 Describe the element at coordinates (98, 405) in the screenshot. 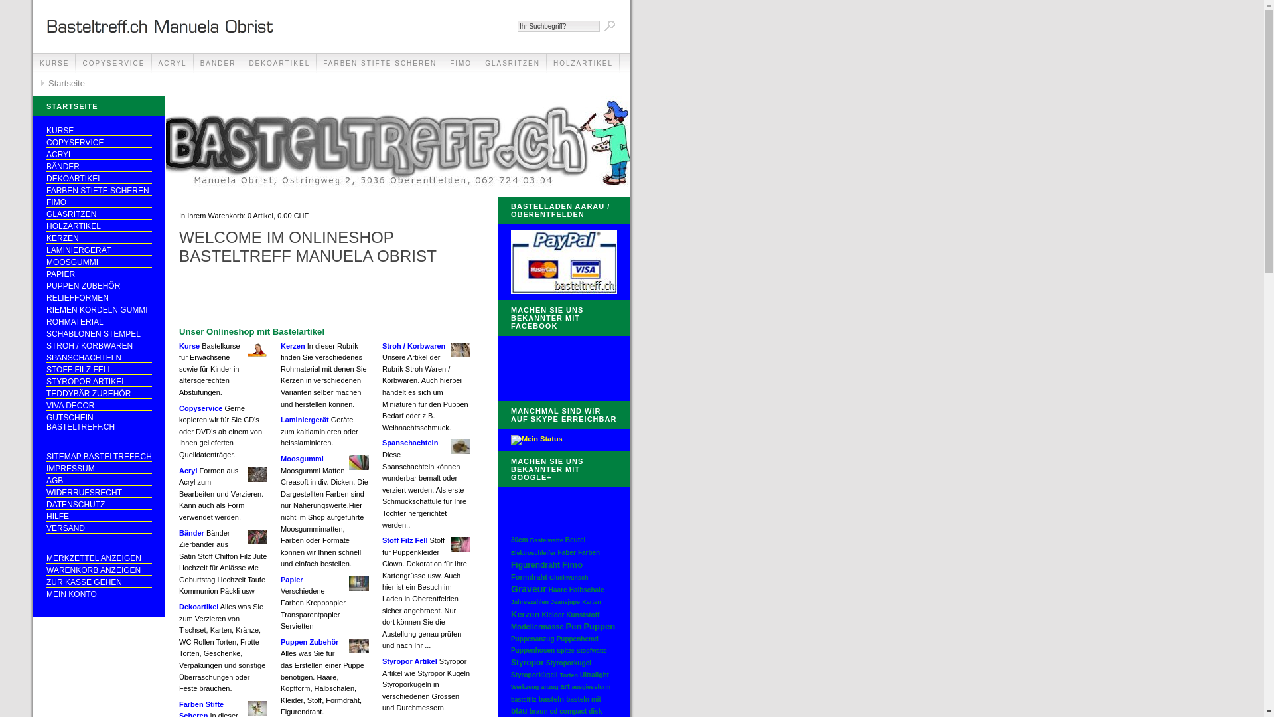

I see `'VIVA DECOR'` at that location.